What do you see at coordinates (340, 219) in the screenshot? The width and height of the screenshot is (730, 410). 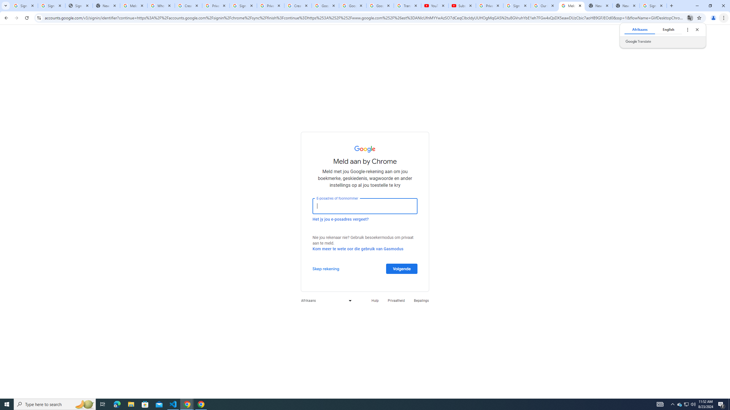 I see `'Het jy jou e-posadres vergeet?'` at bounding box center [340, 219].